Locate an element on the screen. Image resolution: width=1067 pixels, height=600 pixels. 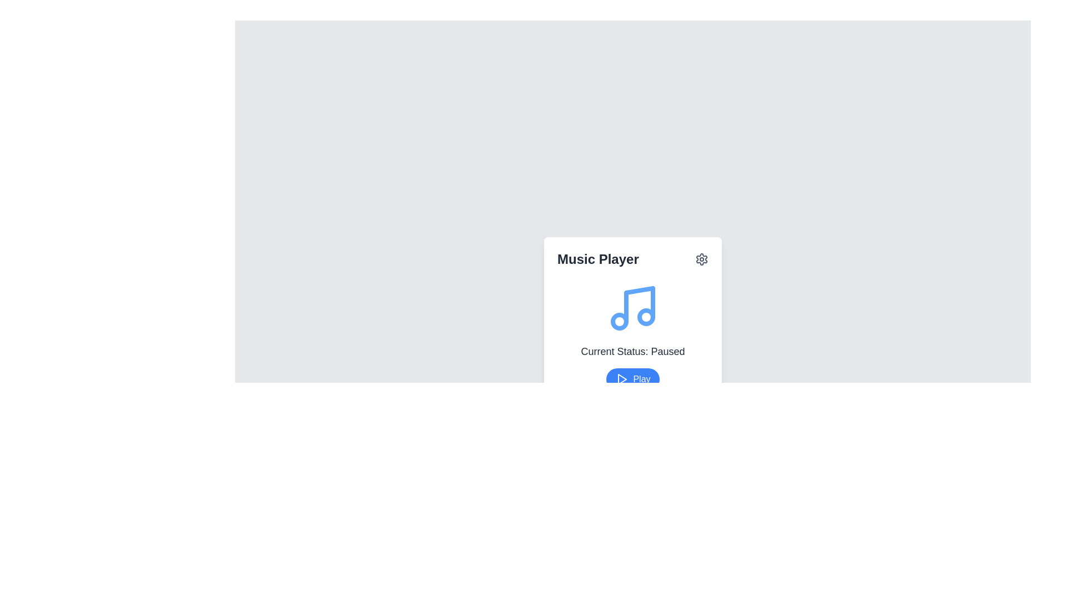
the gear-shaped icon button located in the header of the 'Music Player' section is located at coordinates (701, 259).